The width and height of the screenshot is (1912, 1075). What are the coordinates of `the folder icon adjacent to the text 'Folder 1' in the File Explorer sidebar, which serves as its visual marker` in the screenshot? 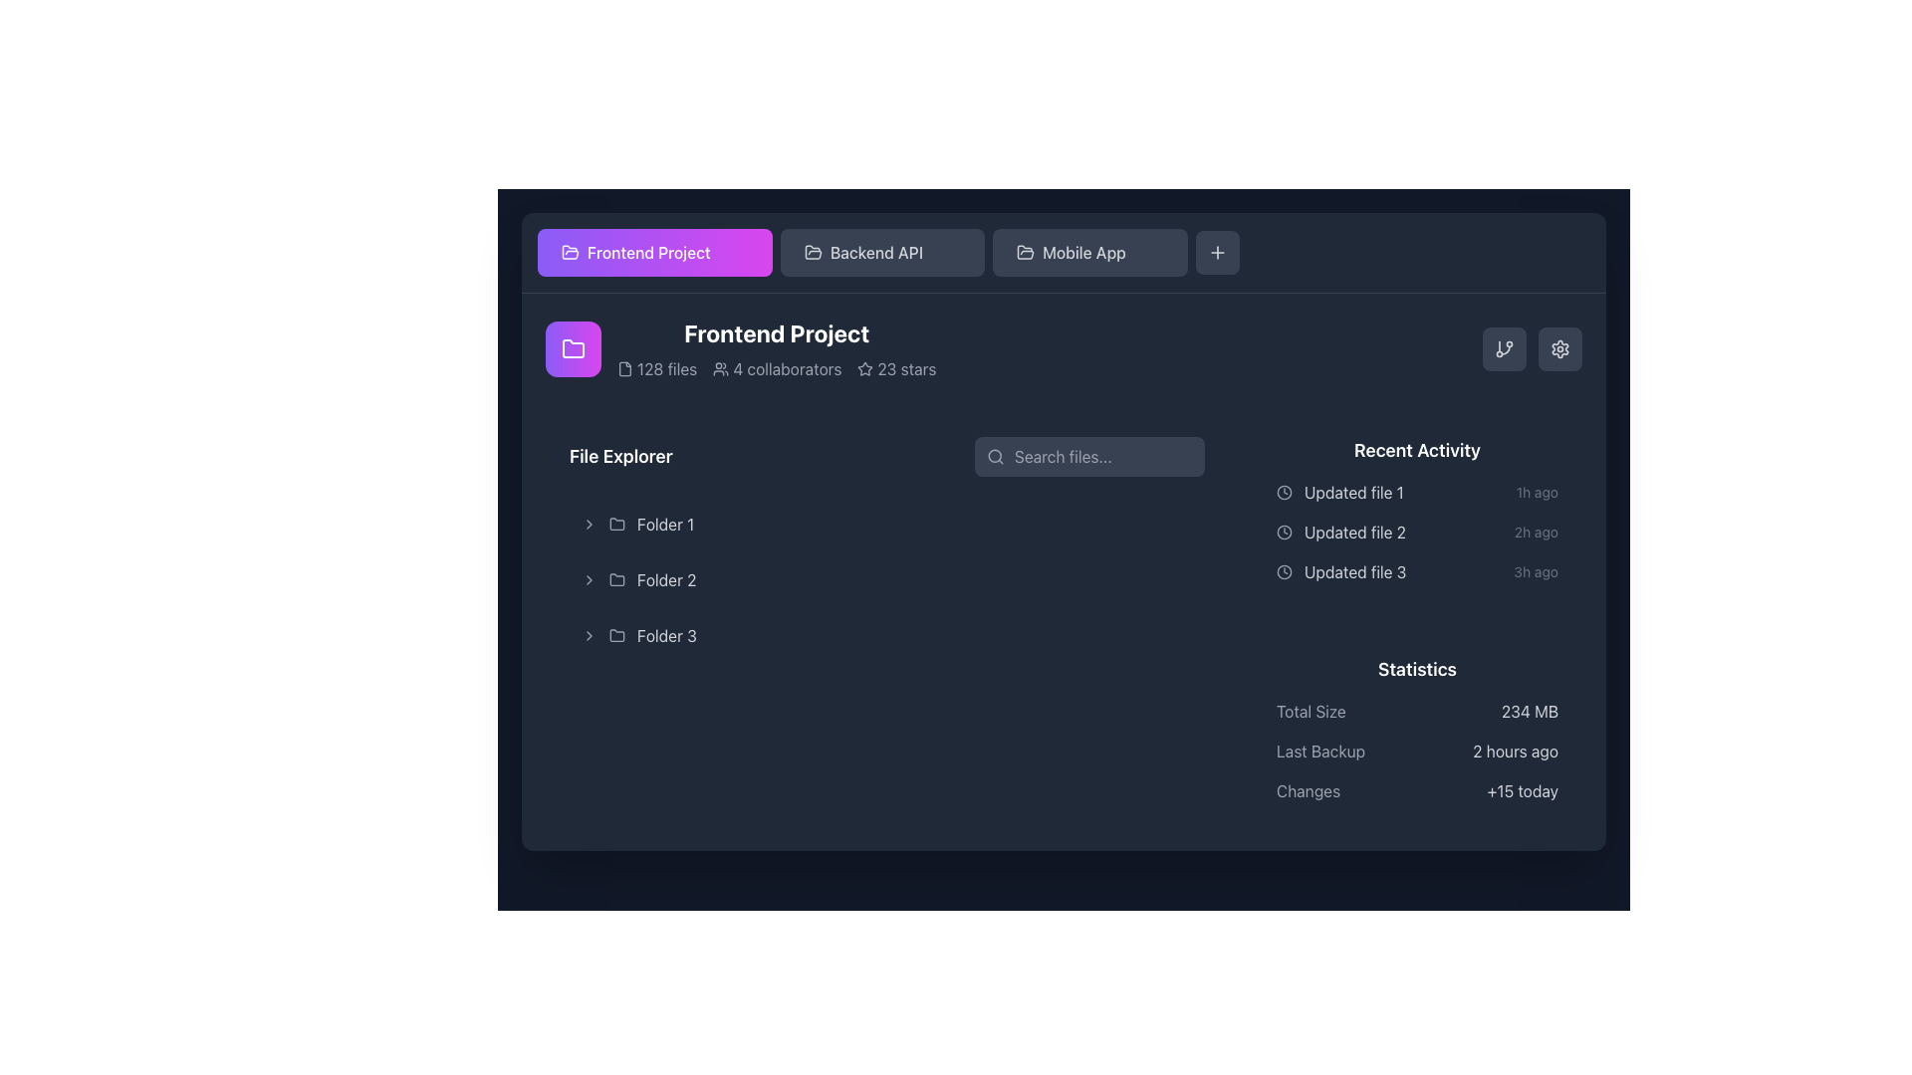 It's located at (615, 522).